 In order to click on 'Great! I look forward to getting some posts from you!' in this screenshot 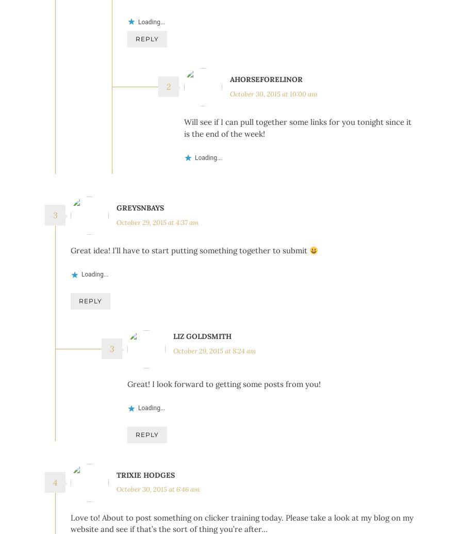, I will do `click(223, 415)`.